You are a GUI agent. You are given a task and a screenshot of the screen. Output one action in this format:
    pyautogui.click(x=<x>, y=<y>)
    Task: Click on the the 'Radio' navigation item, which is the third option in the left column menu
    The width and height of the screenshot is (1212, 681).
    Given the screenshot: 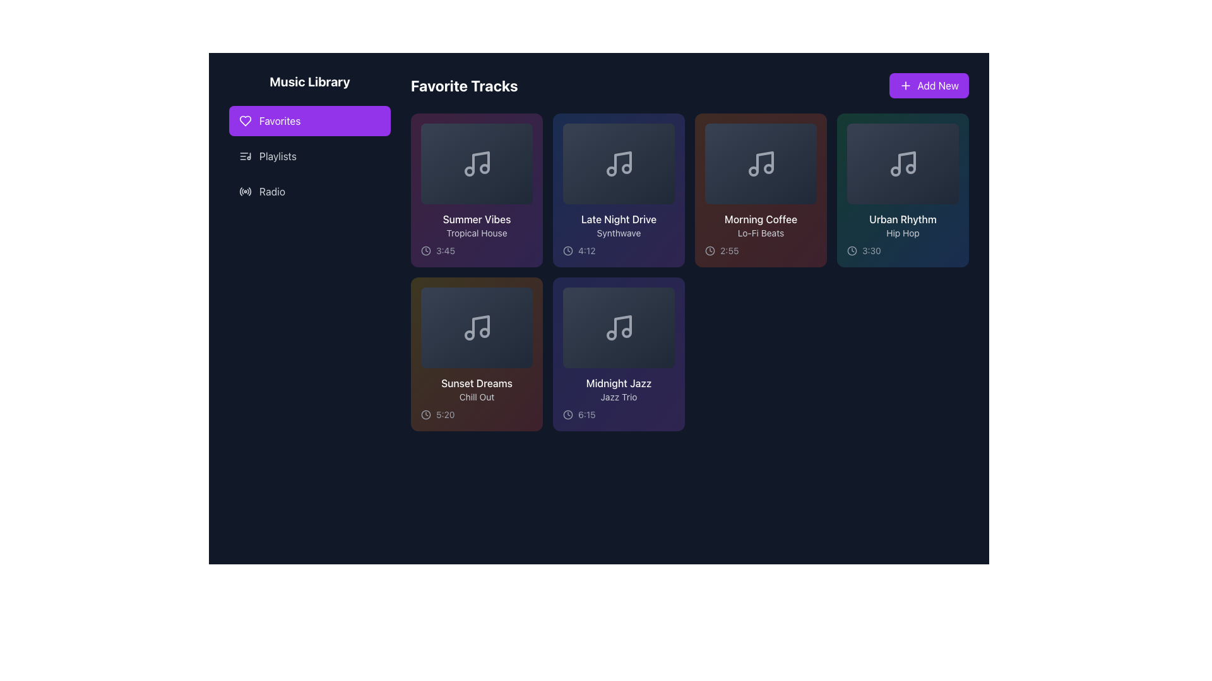 What is the action you would take?
    pyautogui.click(x=309, y=192)
    